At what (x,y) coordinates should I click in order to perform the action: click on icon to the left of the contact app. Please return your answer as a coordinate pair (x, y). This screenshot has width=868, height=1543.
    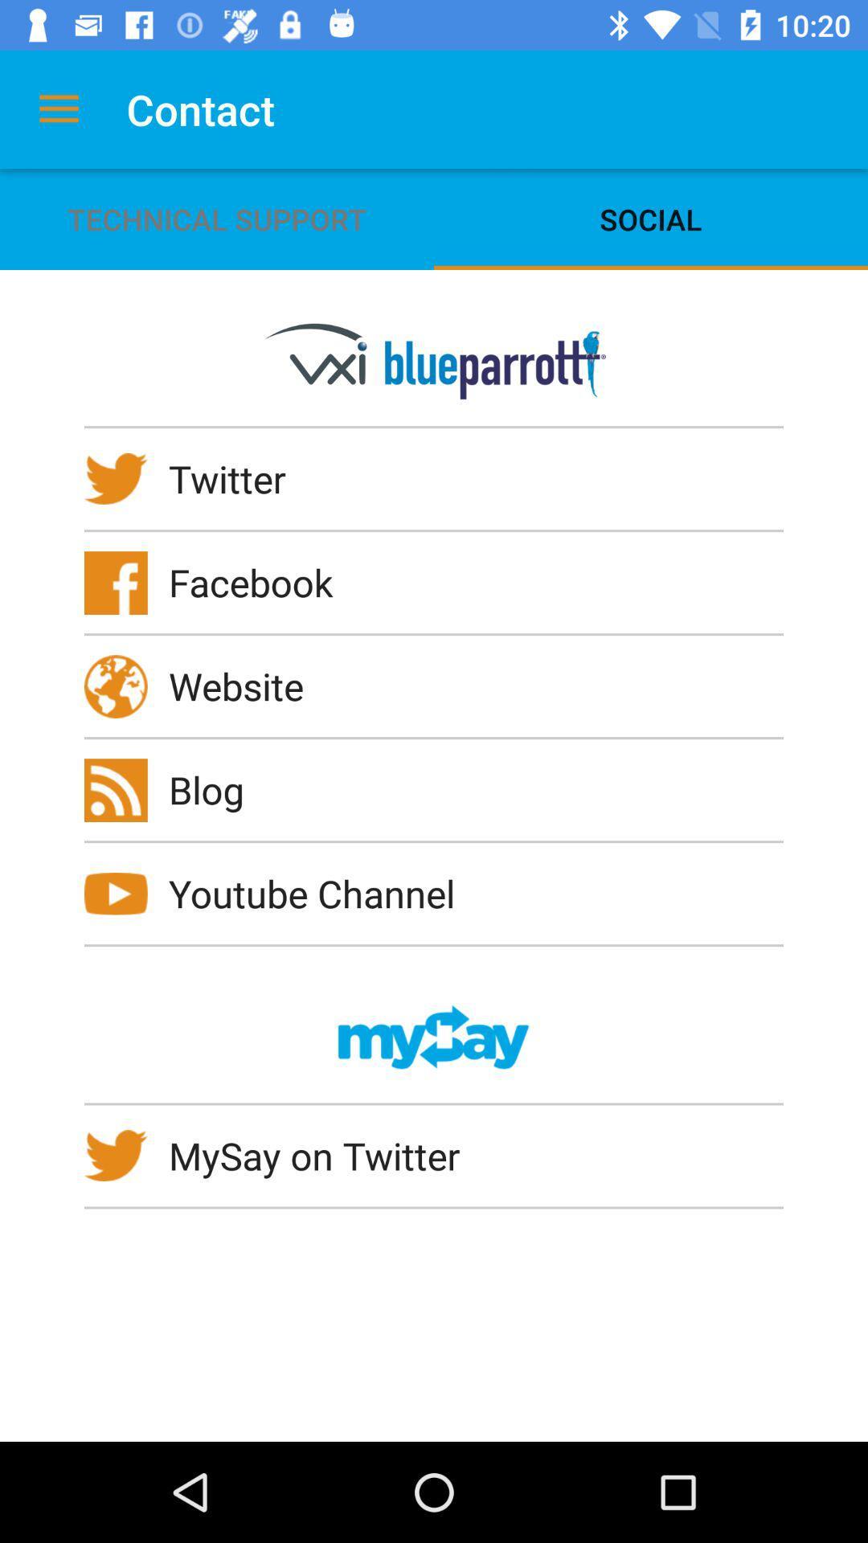
    Looking at the image, I should click on (58, 108).